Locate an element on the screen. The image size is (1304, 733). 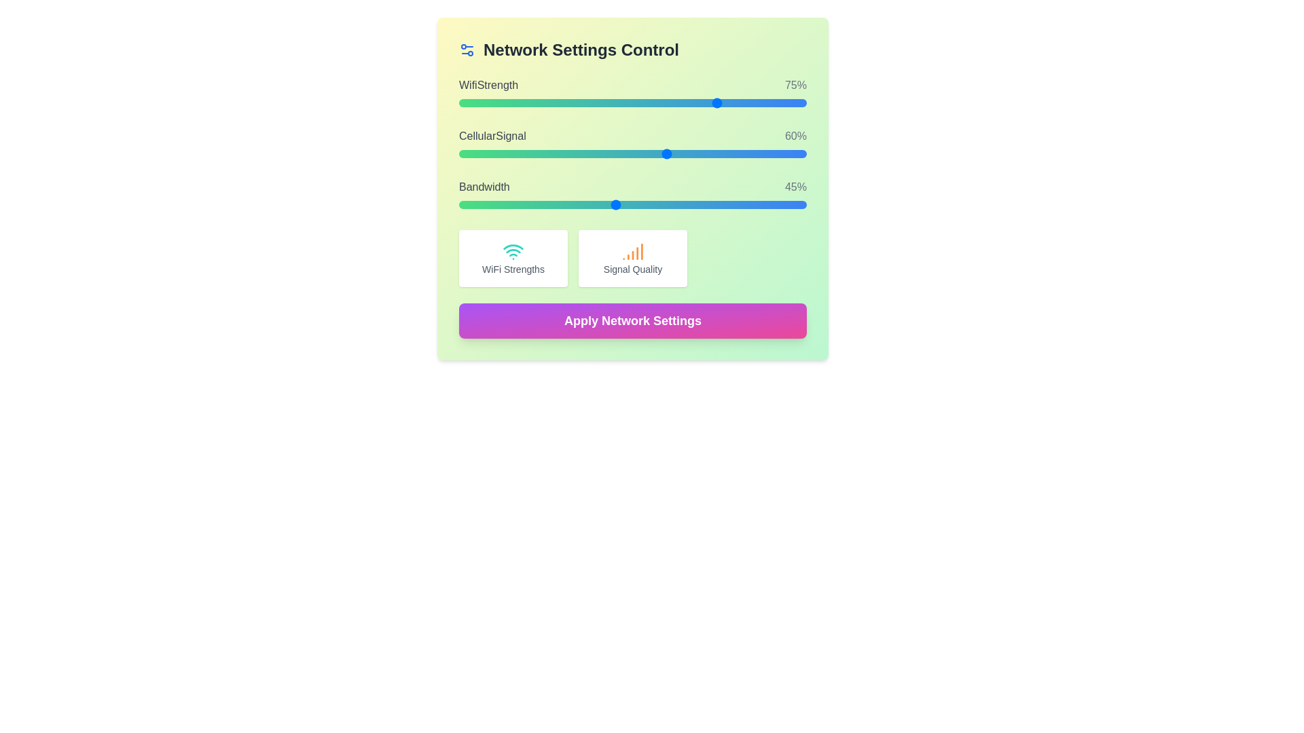
the Cellular Signal slider is located at coordinates (493, 153).